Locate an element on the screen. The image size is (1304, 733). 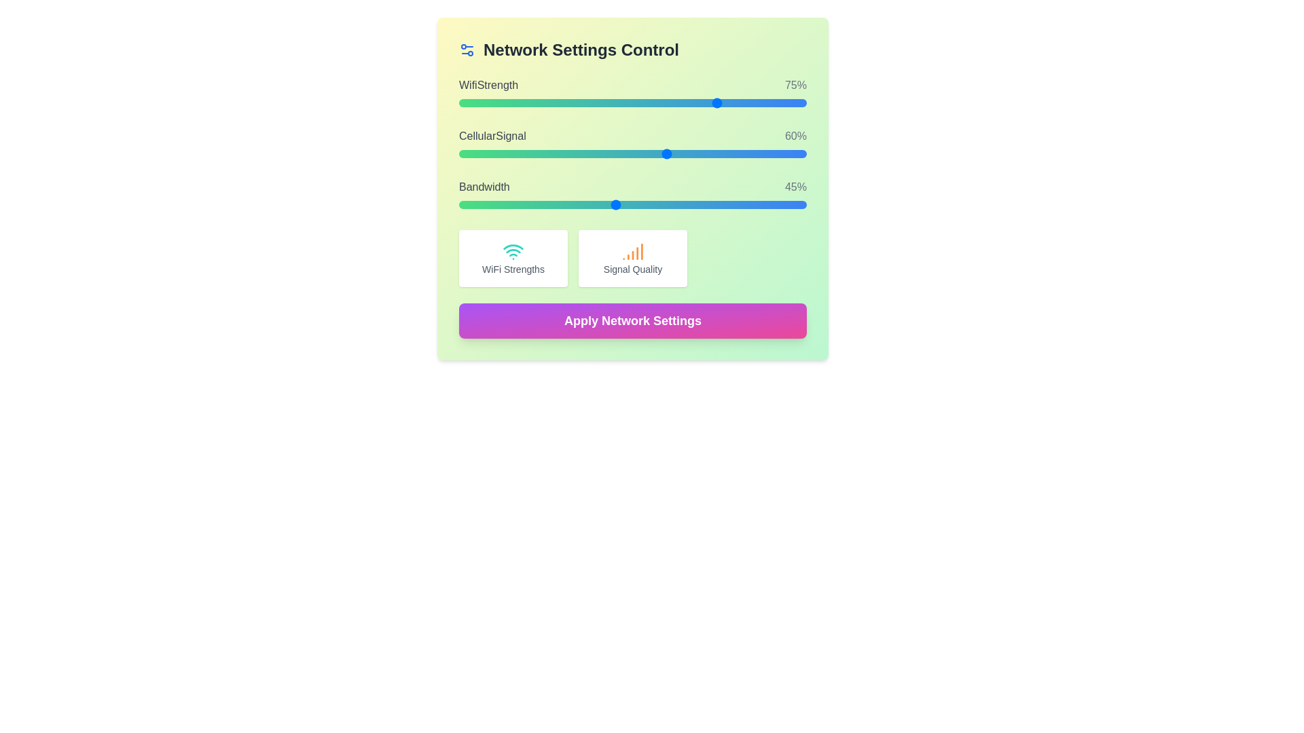
the Cellular Signal slider is located at coordinates (493, 153).